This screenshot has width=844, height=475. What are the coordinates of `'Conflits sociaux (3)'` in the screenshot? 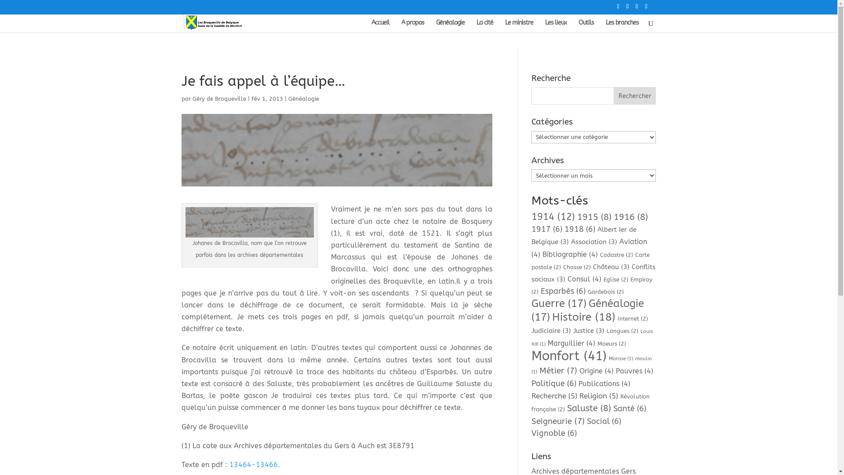 It's located at (593, 273).